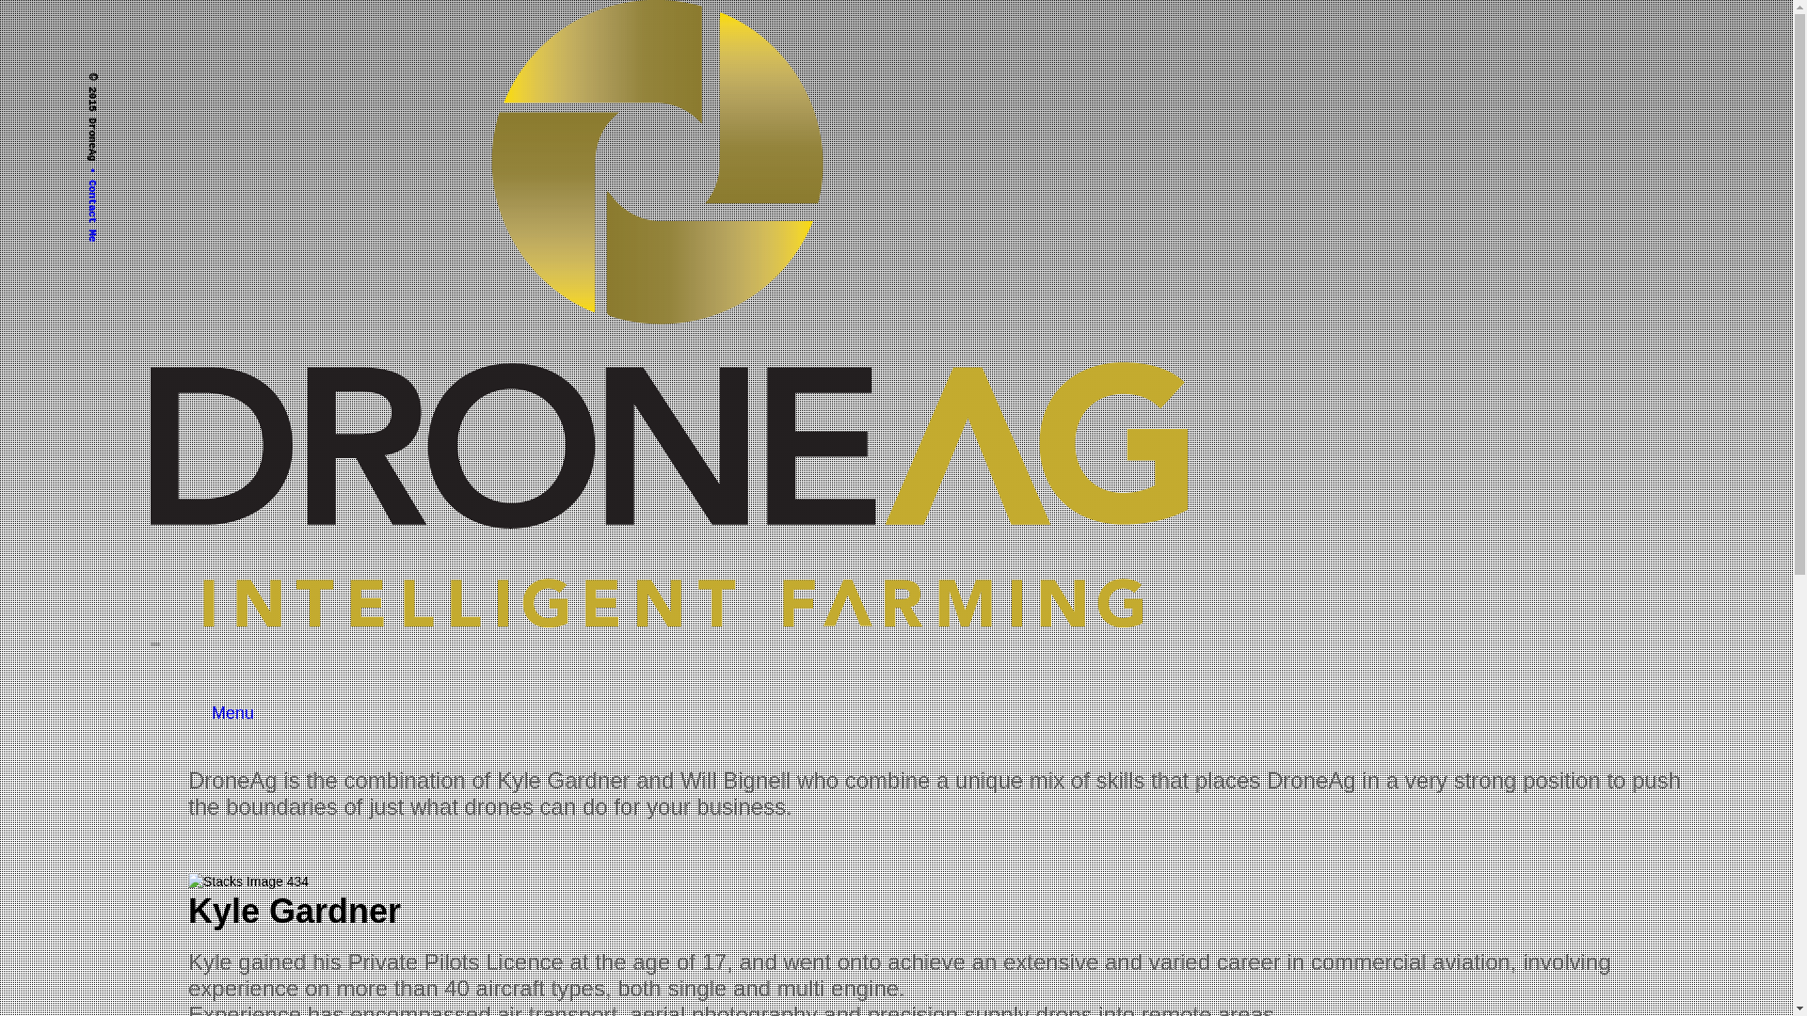  What do you see at coordinates (85, 173) in the screenshot?
I see `'Contact Me'` at bounding box center [85, 173].